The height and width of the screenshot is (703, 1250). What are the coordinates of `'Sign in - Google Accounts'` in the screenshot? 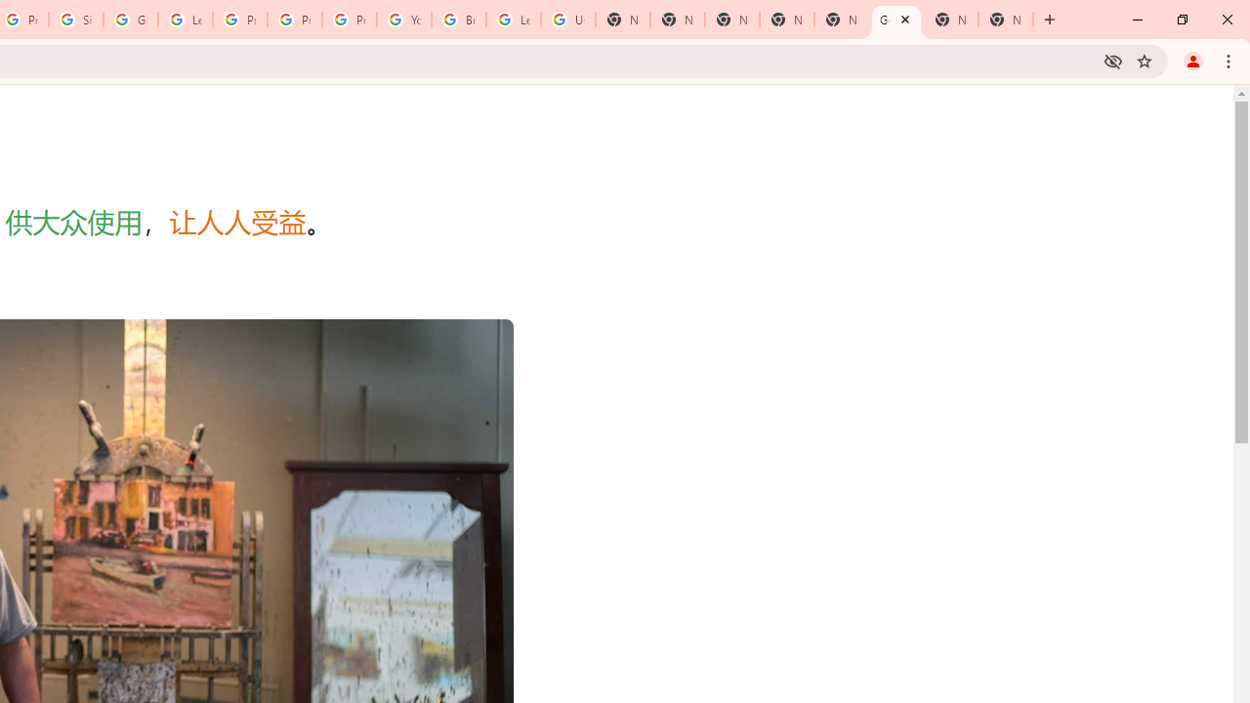 It's located at (76, 20).